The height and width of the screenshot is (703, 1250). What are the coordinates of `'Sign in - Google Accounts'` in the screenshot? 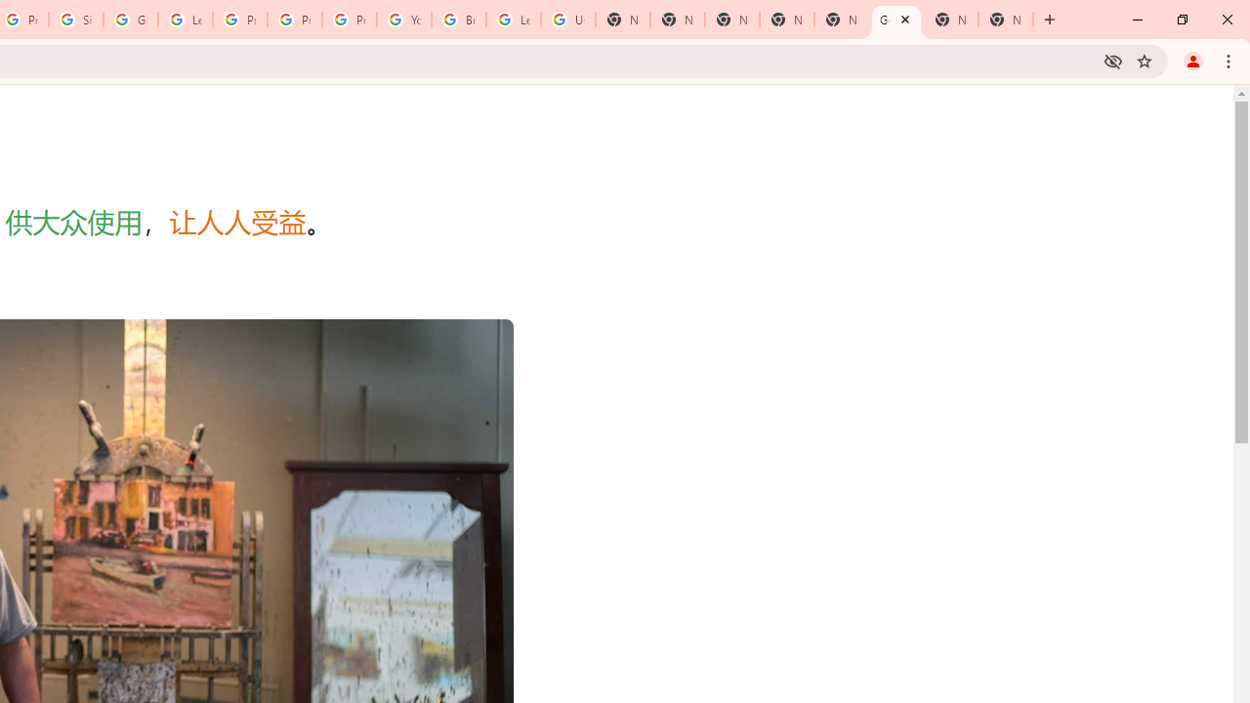 It's located at (76, 20).